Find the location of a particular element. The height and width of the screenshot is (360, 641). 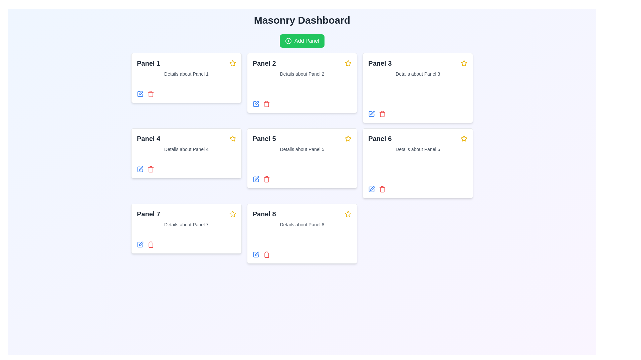

the star icon located at the top-right corner of 'Panel 7' in the third row and first column is located at coordinates (232, 214).